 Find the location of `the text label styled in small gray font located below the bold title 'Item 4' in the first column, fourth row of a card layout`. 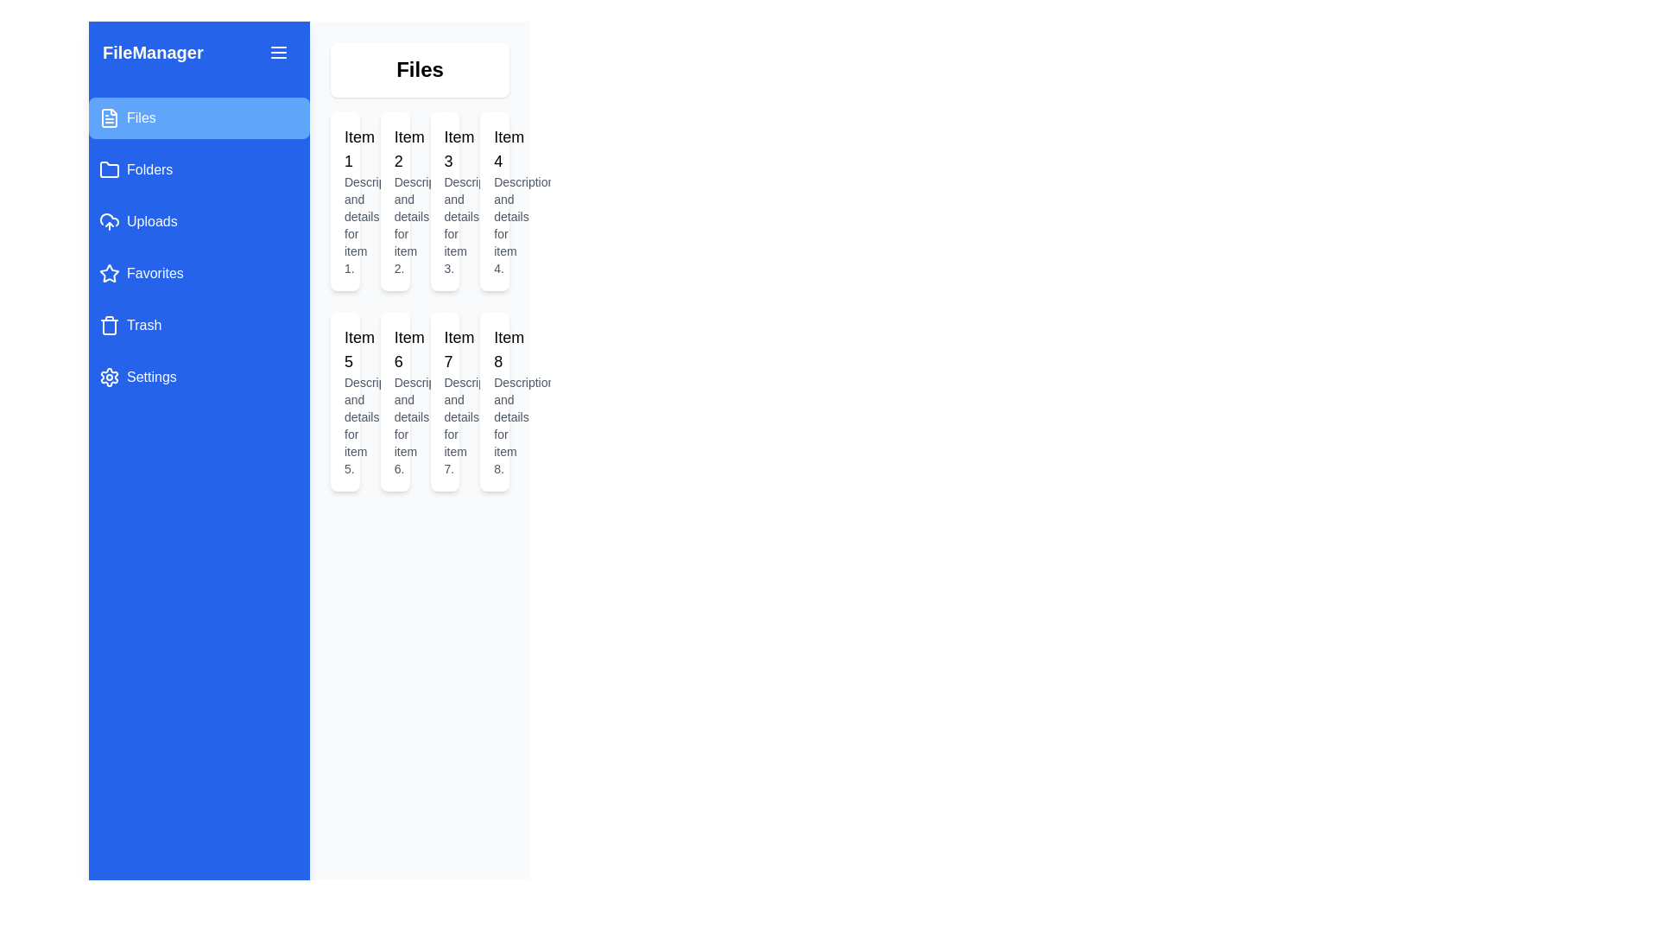

the text label styled in small gray font located below the bold title 'Item 4' in the first column, fourth row of a card layout is located at coordinates (494, 225).